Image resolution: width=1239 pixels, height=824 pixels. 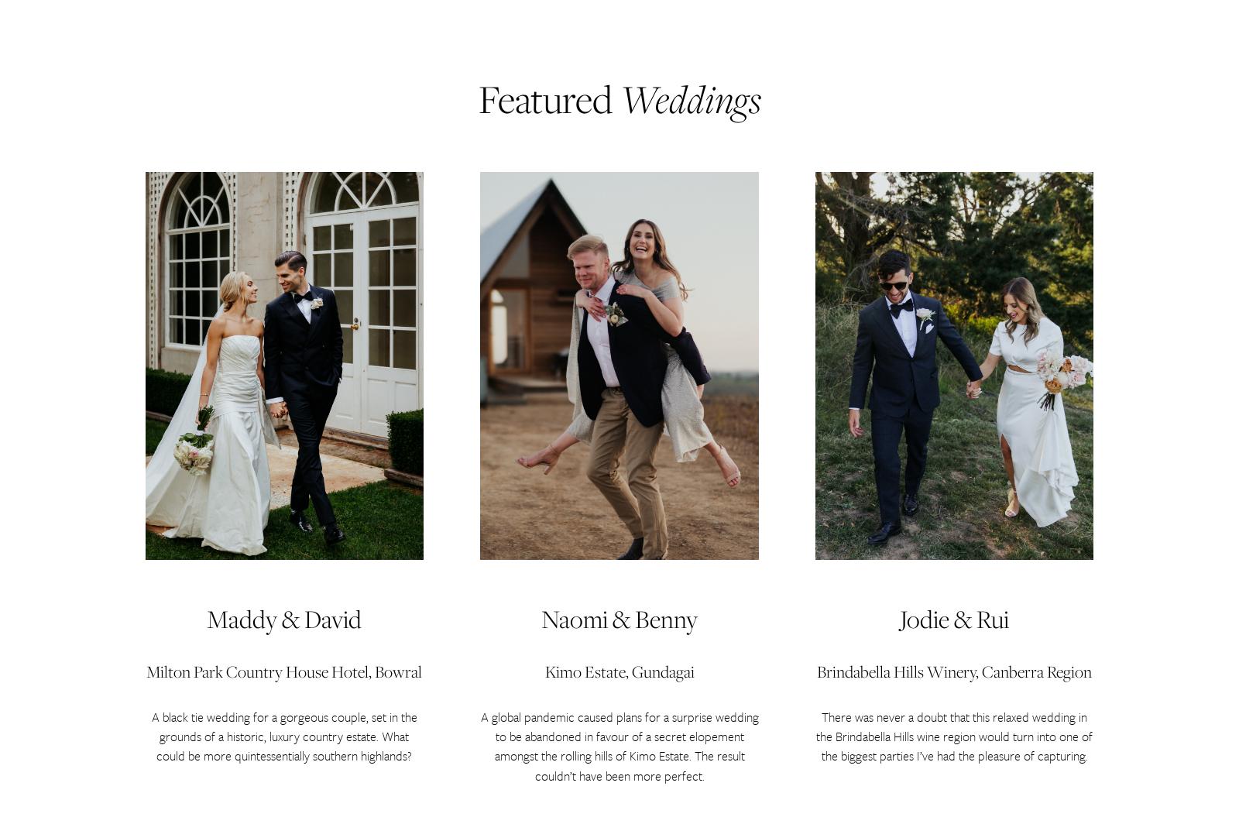 I want to click on 'Naomi & Benny', so click(x=619, y=618).